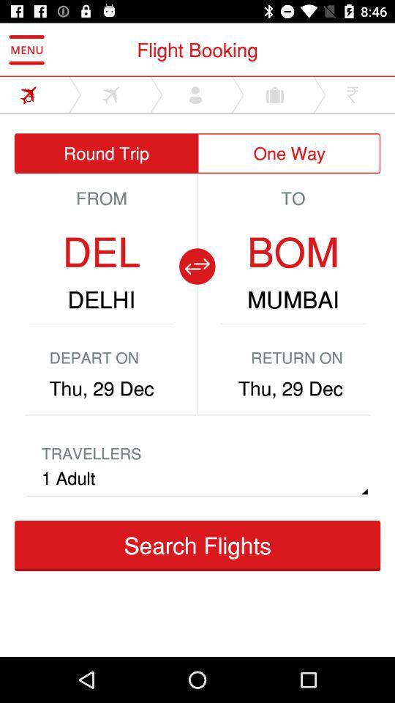  What do you see at coordinates (197, 265) in the screenshot?
I see `switch/flip icon` at bounding box center [197, 265].